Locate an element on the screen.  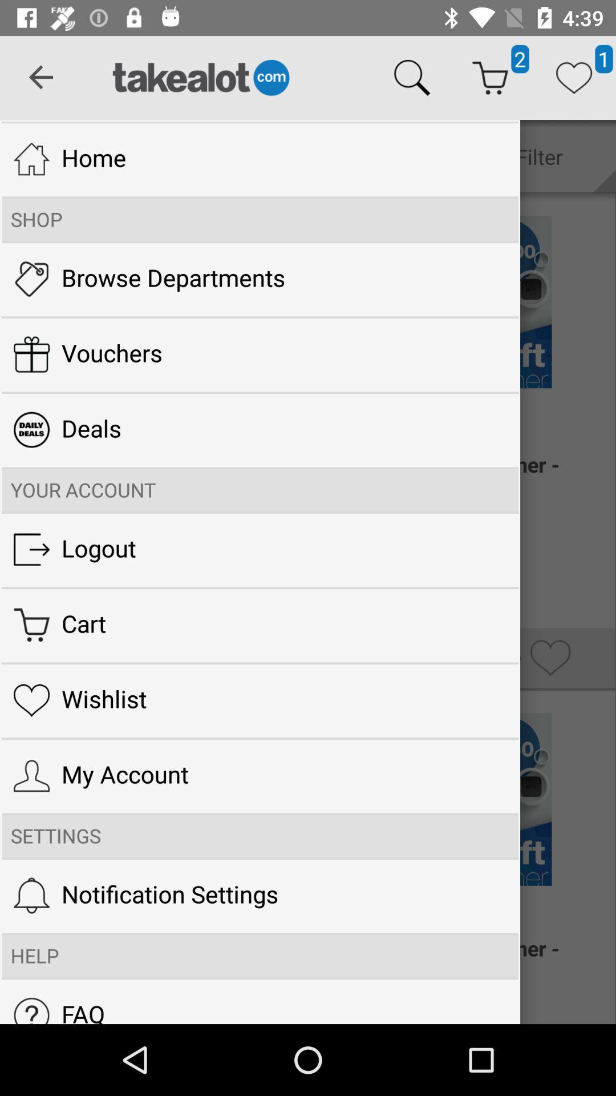
the logo which is before my account is located at coordinates (31, 776).